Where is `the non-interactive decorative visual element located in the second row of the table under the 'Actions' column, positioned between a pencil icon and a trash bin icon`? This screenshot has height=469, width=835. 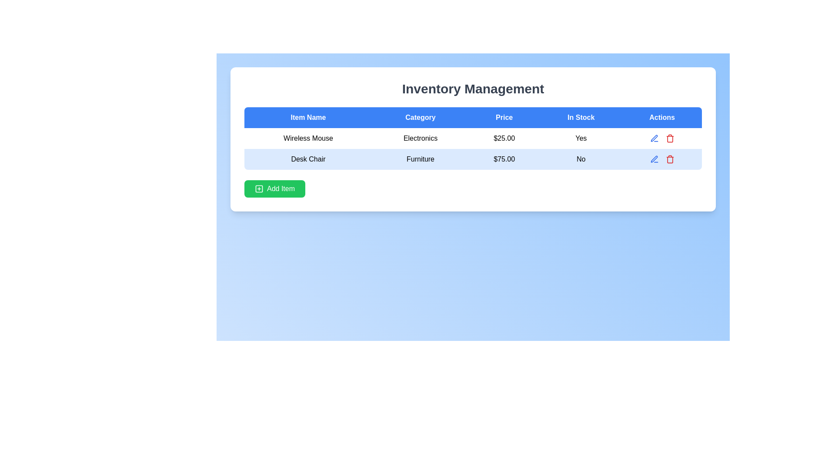 the non-interactive decorative visual element located in the second row of the table under the 'Actions' column, positioned between a pencil icon and a trash bin icon is located at coordinates (661, 159).